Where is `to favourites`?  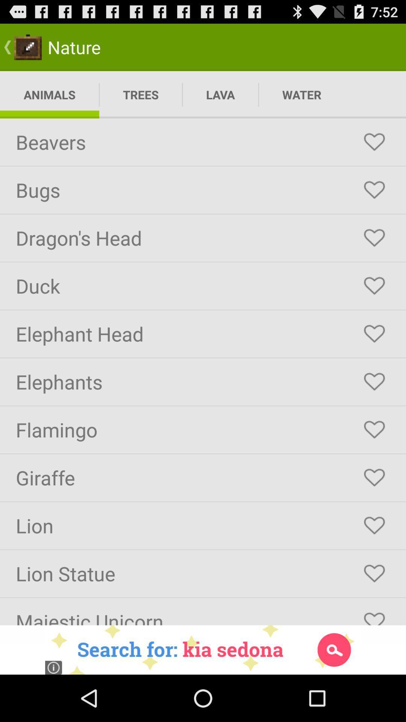
to favourites is located at coordinates (374, 285).